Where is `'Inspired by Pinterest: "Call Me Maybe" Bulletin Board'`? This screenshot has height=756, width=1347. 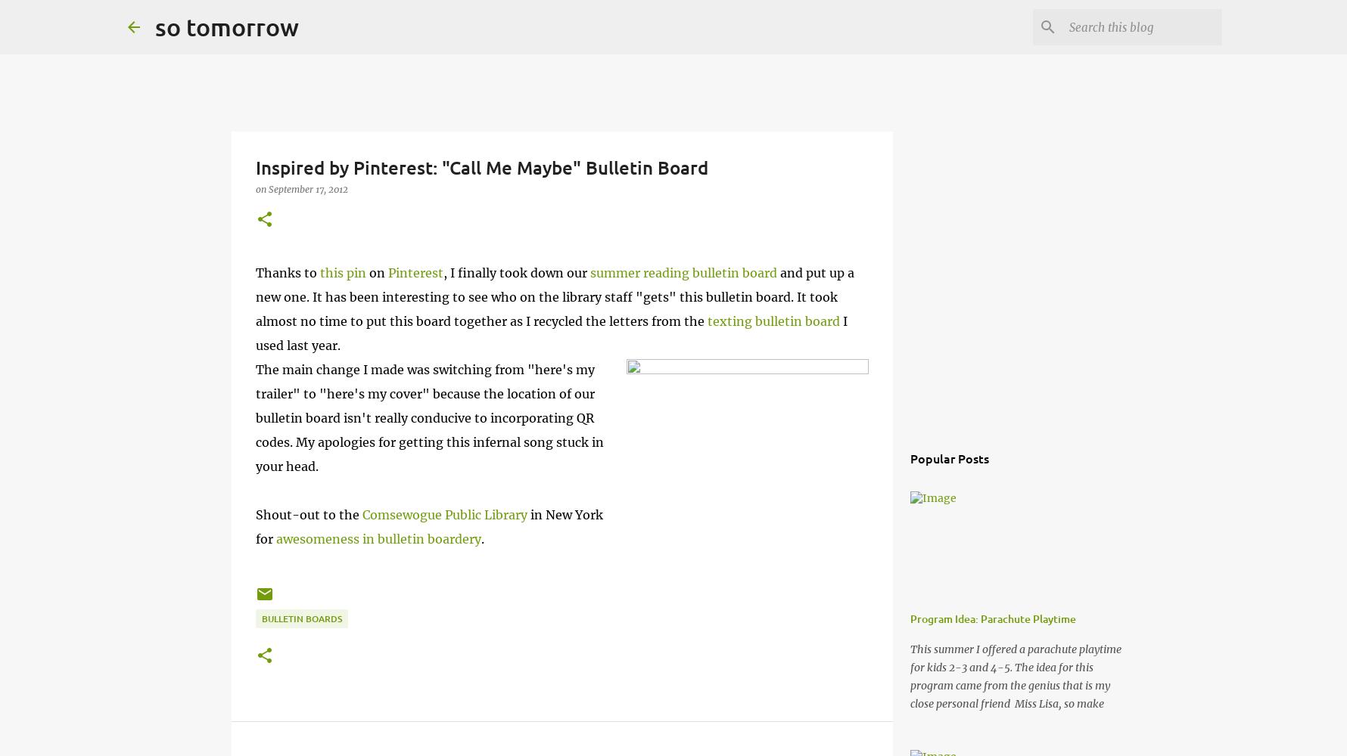 'Inspired by Pinterest: "Call Me Maybe" Bulletin Board' is located at coordinates (481, 166).